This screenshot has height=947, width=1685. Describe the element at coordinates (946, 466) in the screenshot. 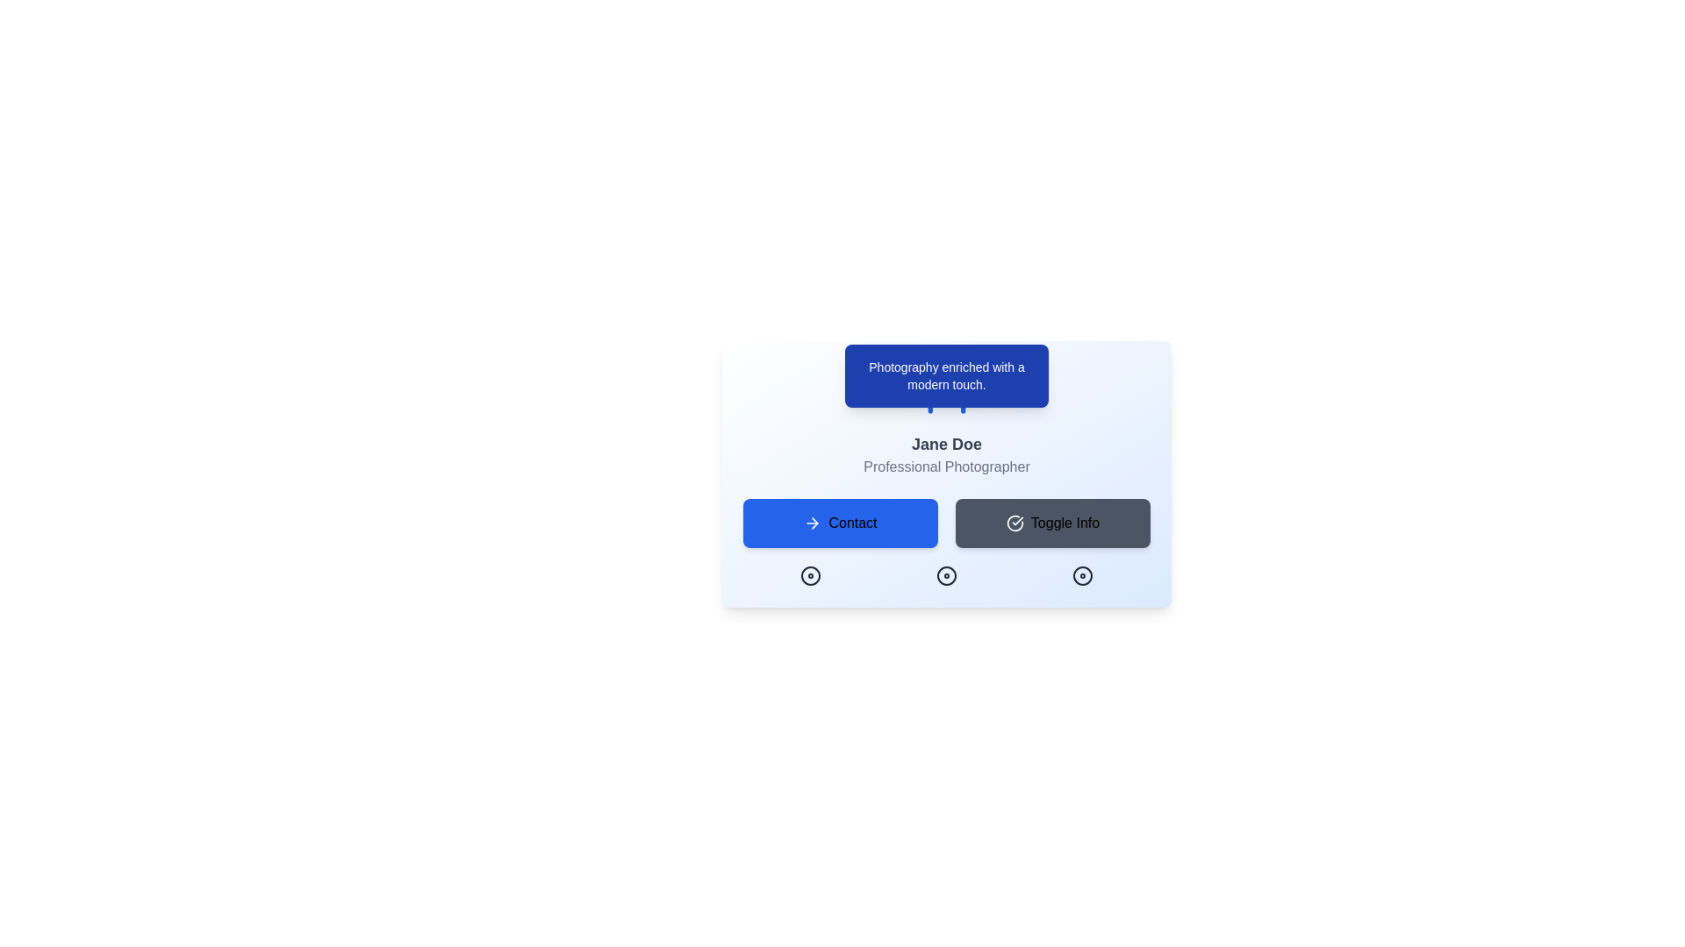

I see `the text label displaying 'Professional Photographer' styled in subdued gray color, located directly below 'Jane Doe' within the central vertical alignment of the card layout` at that location.